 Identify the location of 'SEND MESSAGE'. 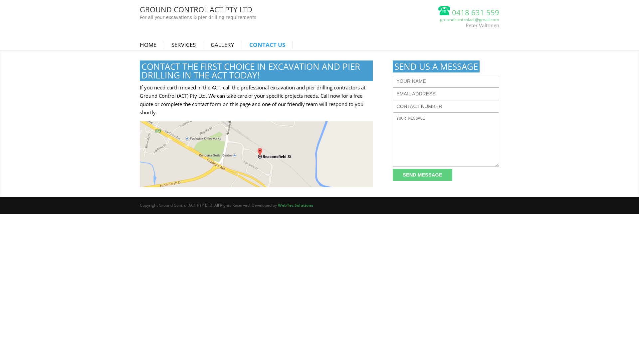
(422, 174).